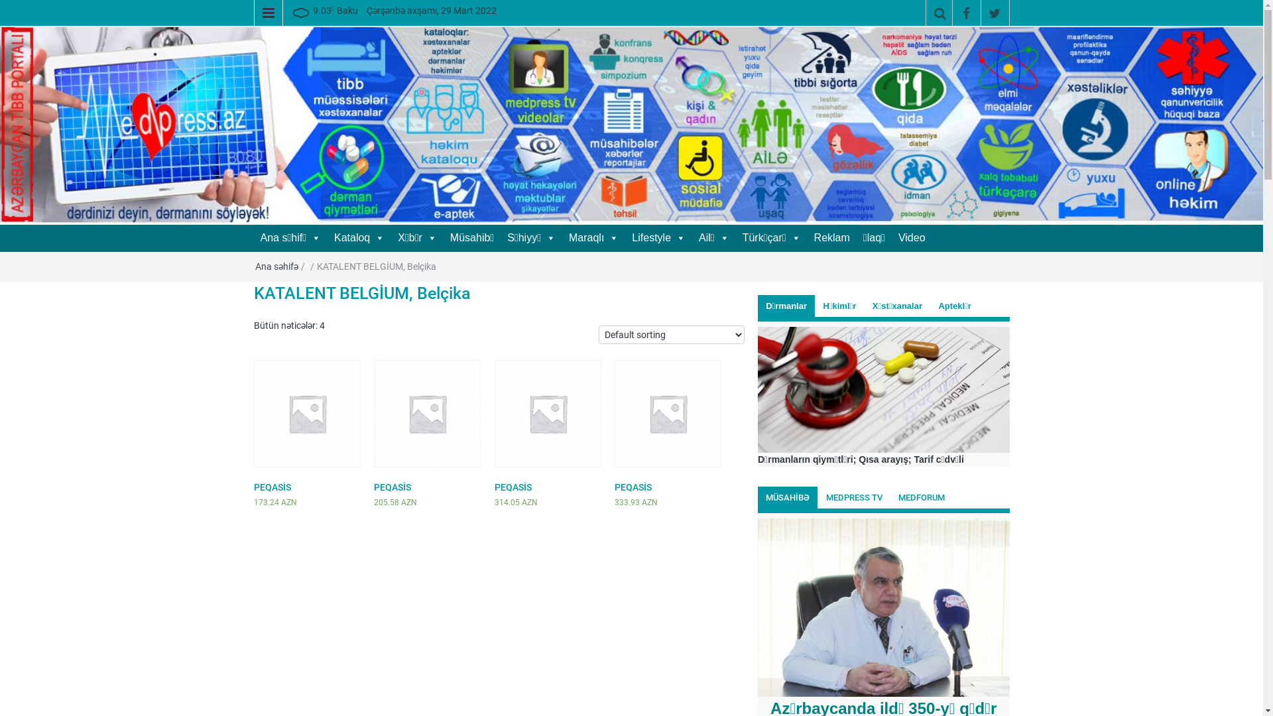 The height and width of the screenshot is (716, 1273). What do you see at coordinates (853, 498) in the screenshot?
I see `'MEDPRESS TV'` at bounding box center [853, 498].